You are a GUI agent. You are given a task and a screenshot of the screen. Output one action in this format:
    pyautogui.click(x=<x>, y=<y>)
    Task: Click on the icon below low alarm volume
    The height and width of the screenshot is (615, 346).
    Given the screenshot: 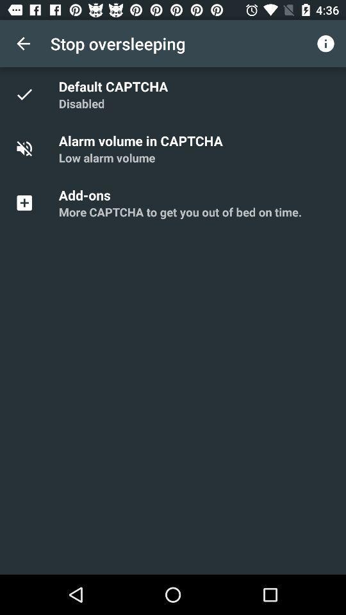 What is the action you would take?
    pyautogui.click(x=86, y=195)
    